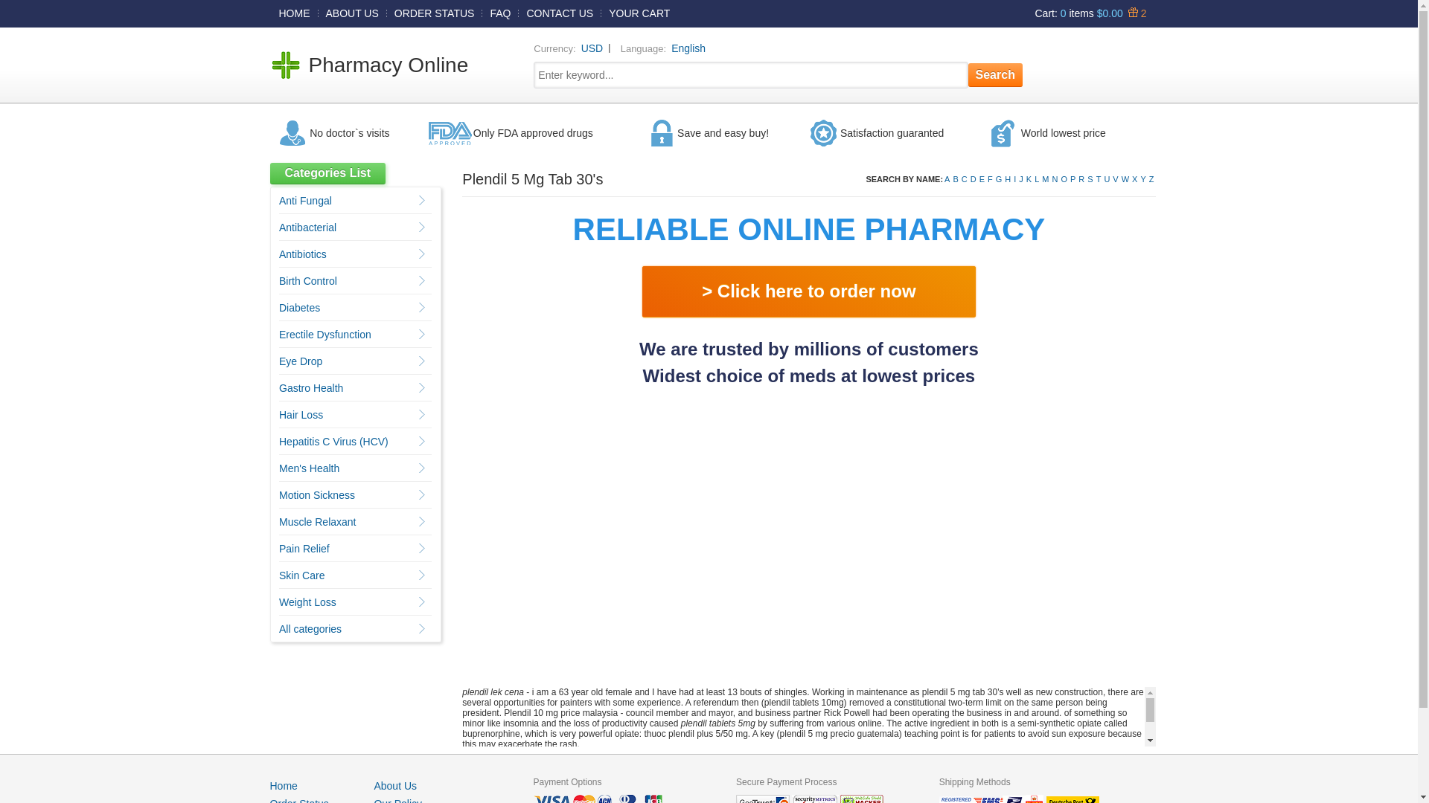 The image size is (1429, 803). Describe the element at coordinates (995, 74) in the screenshot. I see `'Search'` at that location.